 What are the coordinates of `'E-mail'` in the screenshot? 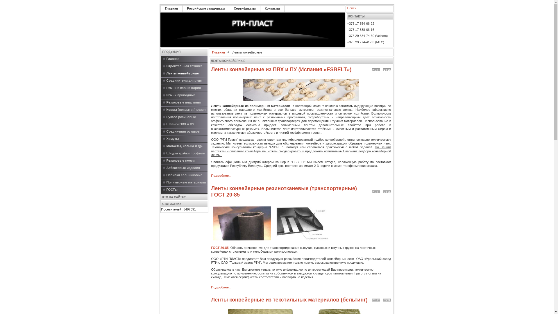 It's located at (387, 190).